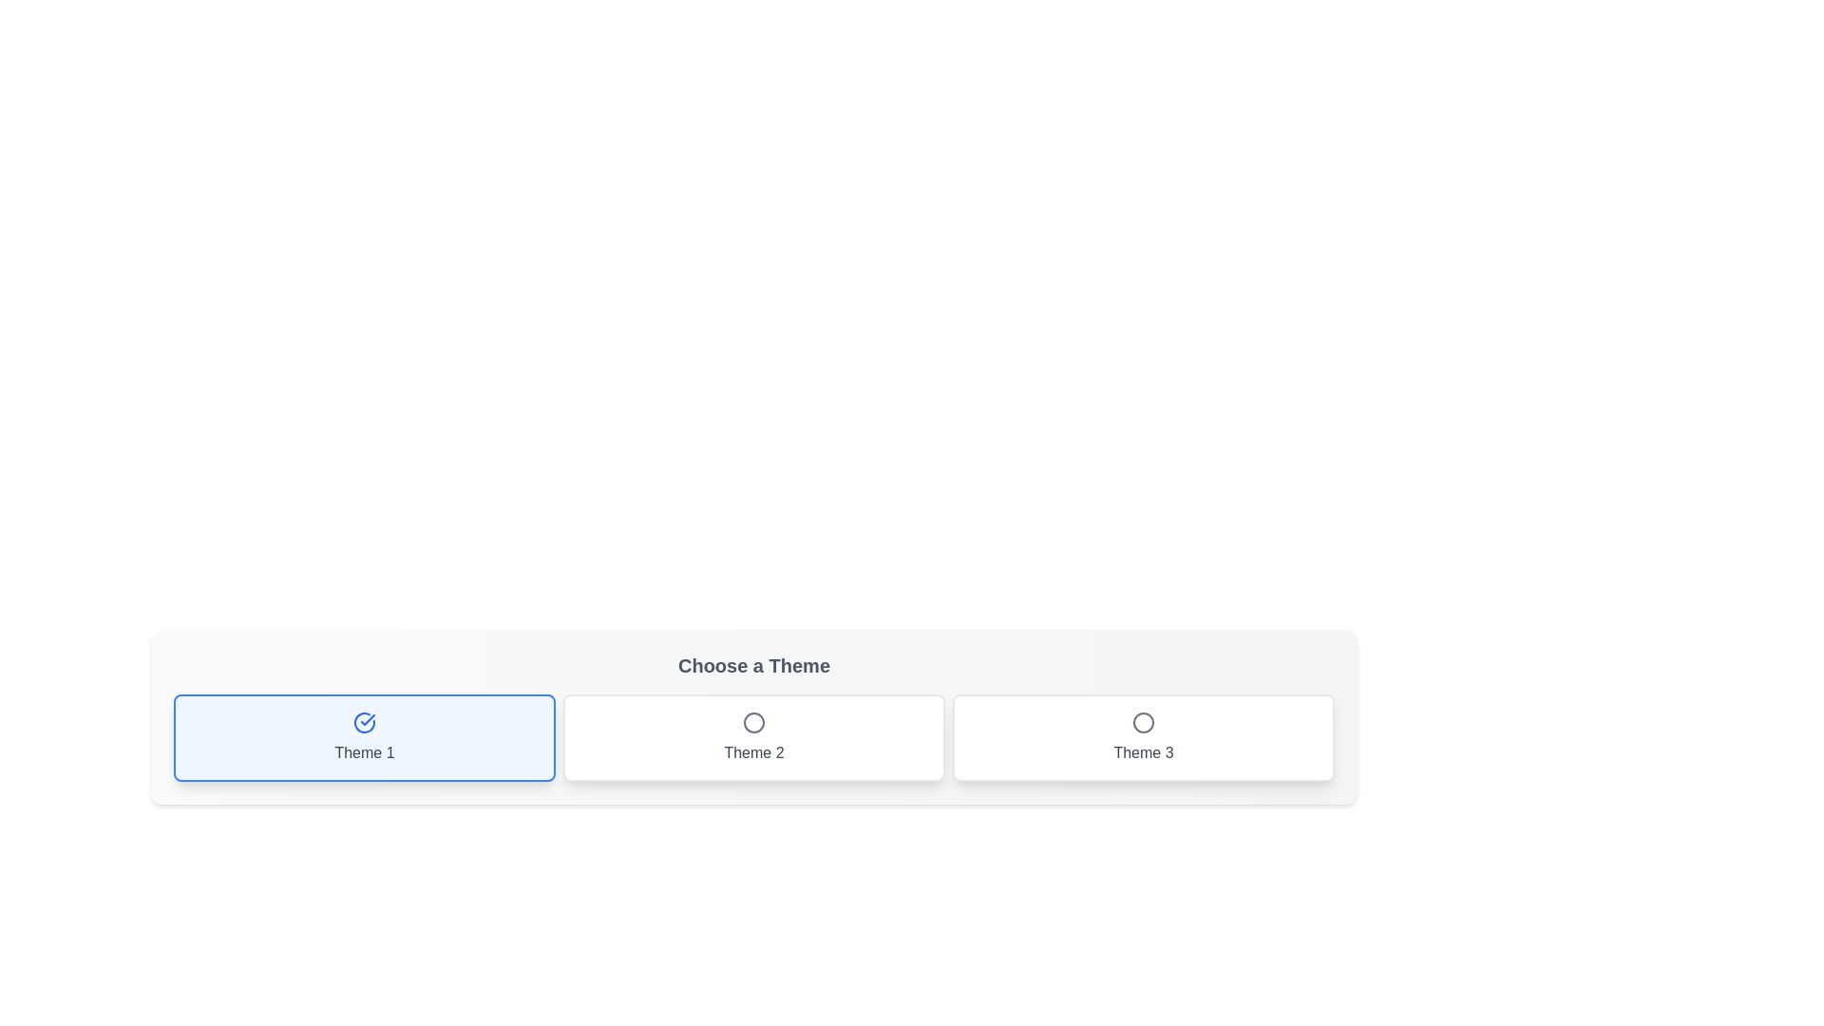 Image resolution: width=1824 pixels, height=1026 pixels. I want to click on the gray outlined circle icon above the text 'Theme 3', so click(1143, 722).